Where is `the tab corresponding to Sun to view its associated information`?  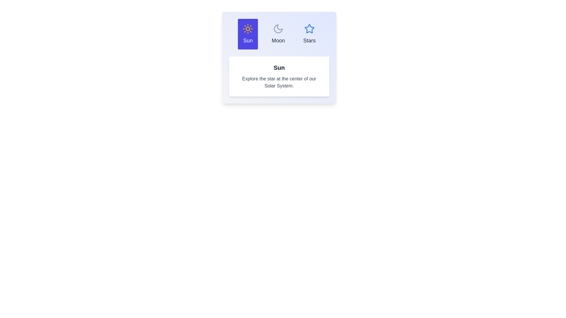
the tab corresponding to Sun to view its associated information is located at coordinates (248, 34).